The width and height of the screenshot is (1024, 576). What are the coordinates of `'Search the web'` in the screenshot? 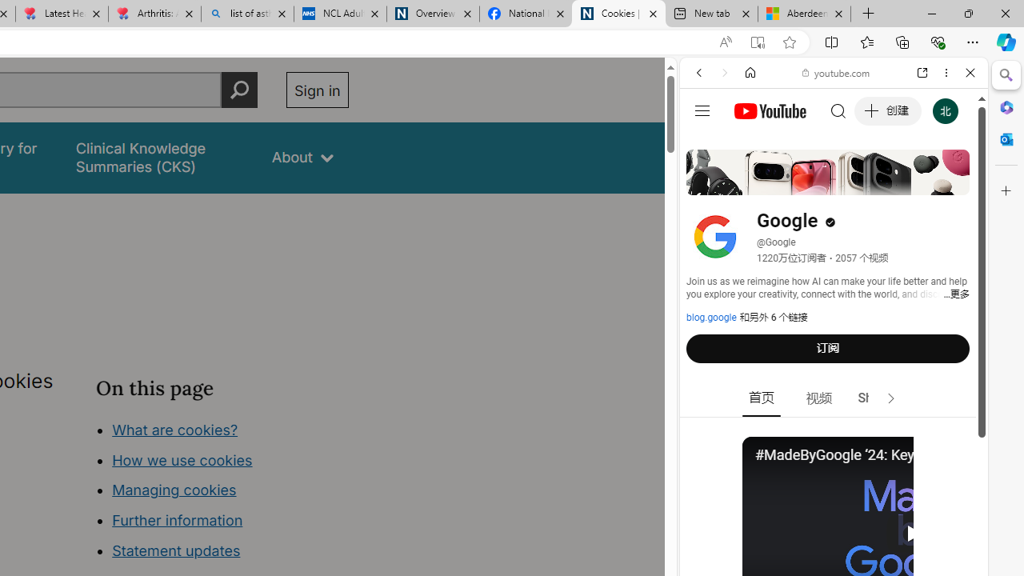 It's located at (841, 110).